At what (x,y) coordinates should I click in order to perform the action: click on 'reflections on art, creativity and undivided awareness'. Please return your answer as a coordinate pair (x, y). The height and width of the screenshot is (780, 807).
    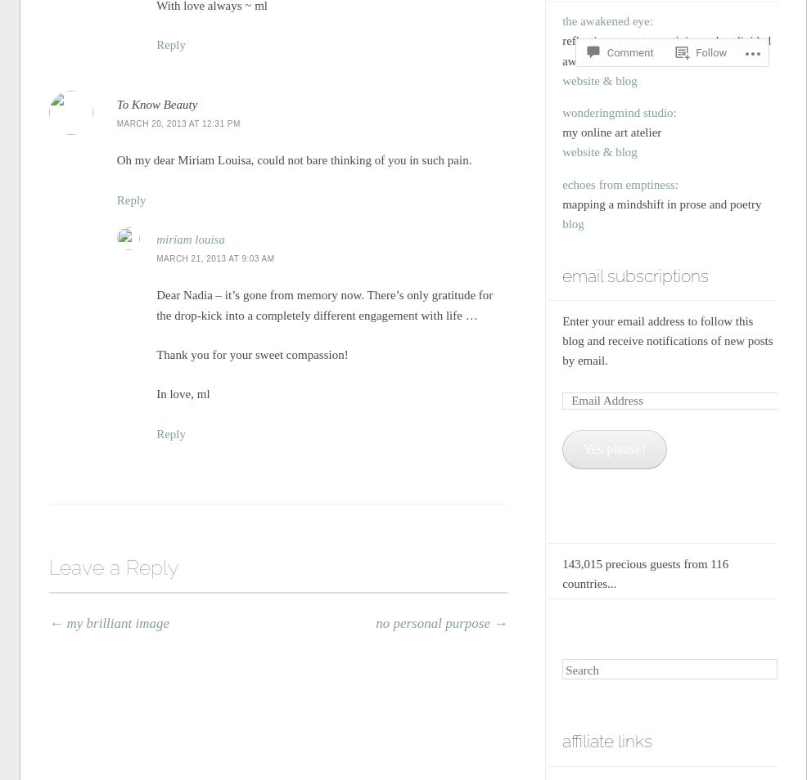
    Looking at the image, I should click on (666, 50).